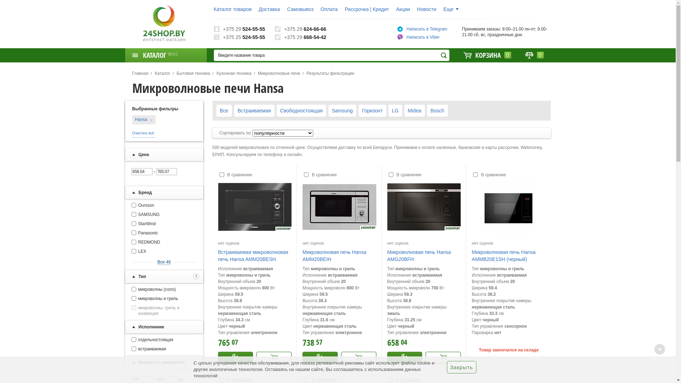  Describe the element at coordinates (327, 111) in the screenshot. I see `'Samsung'` at that location.